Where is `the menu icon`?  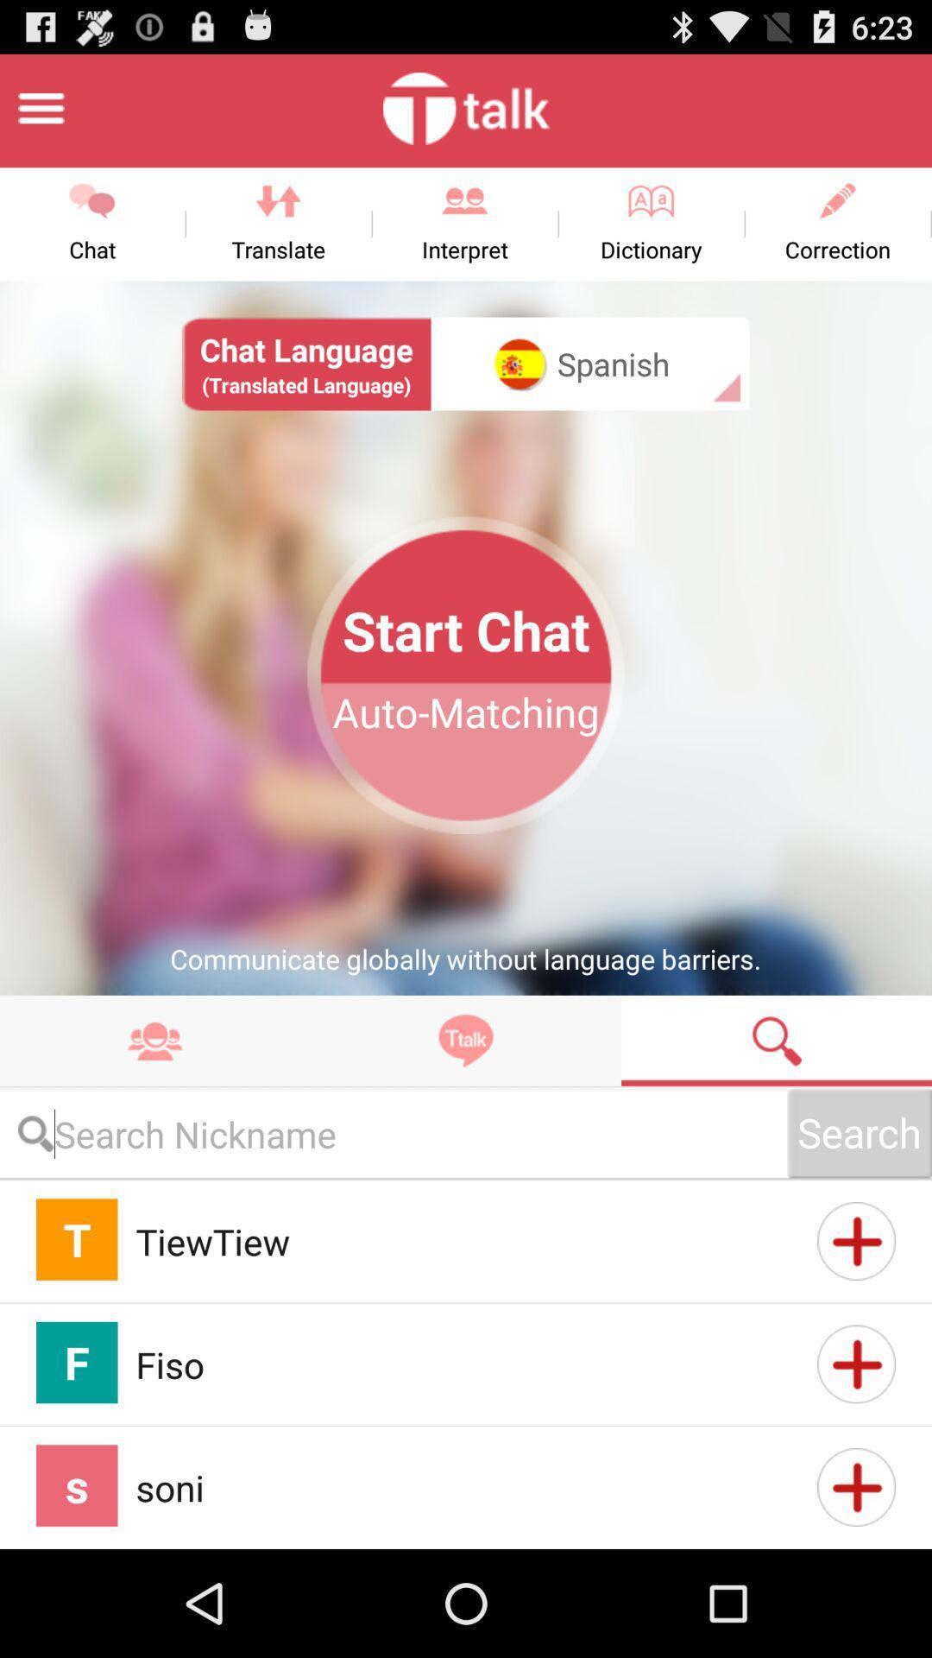
the menu icon is located at coordinates (40, 115).